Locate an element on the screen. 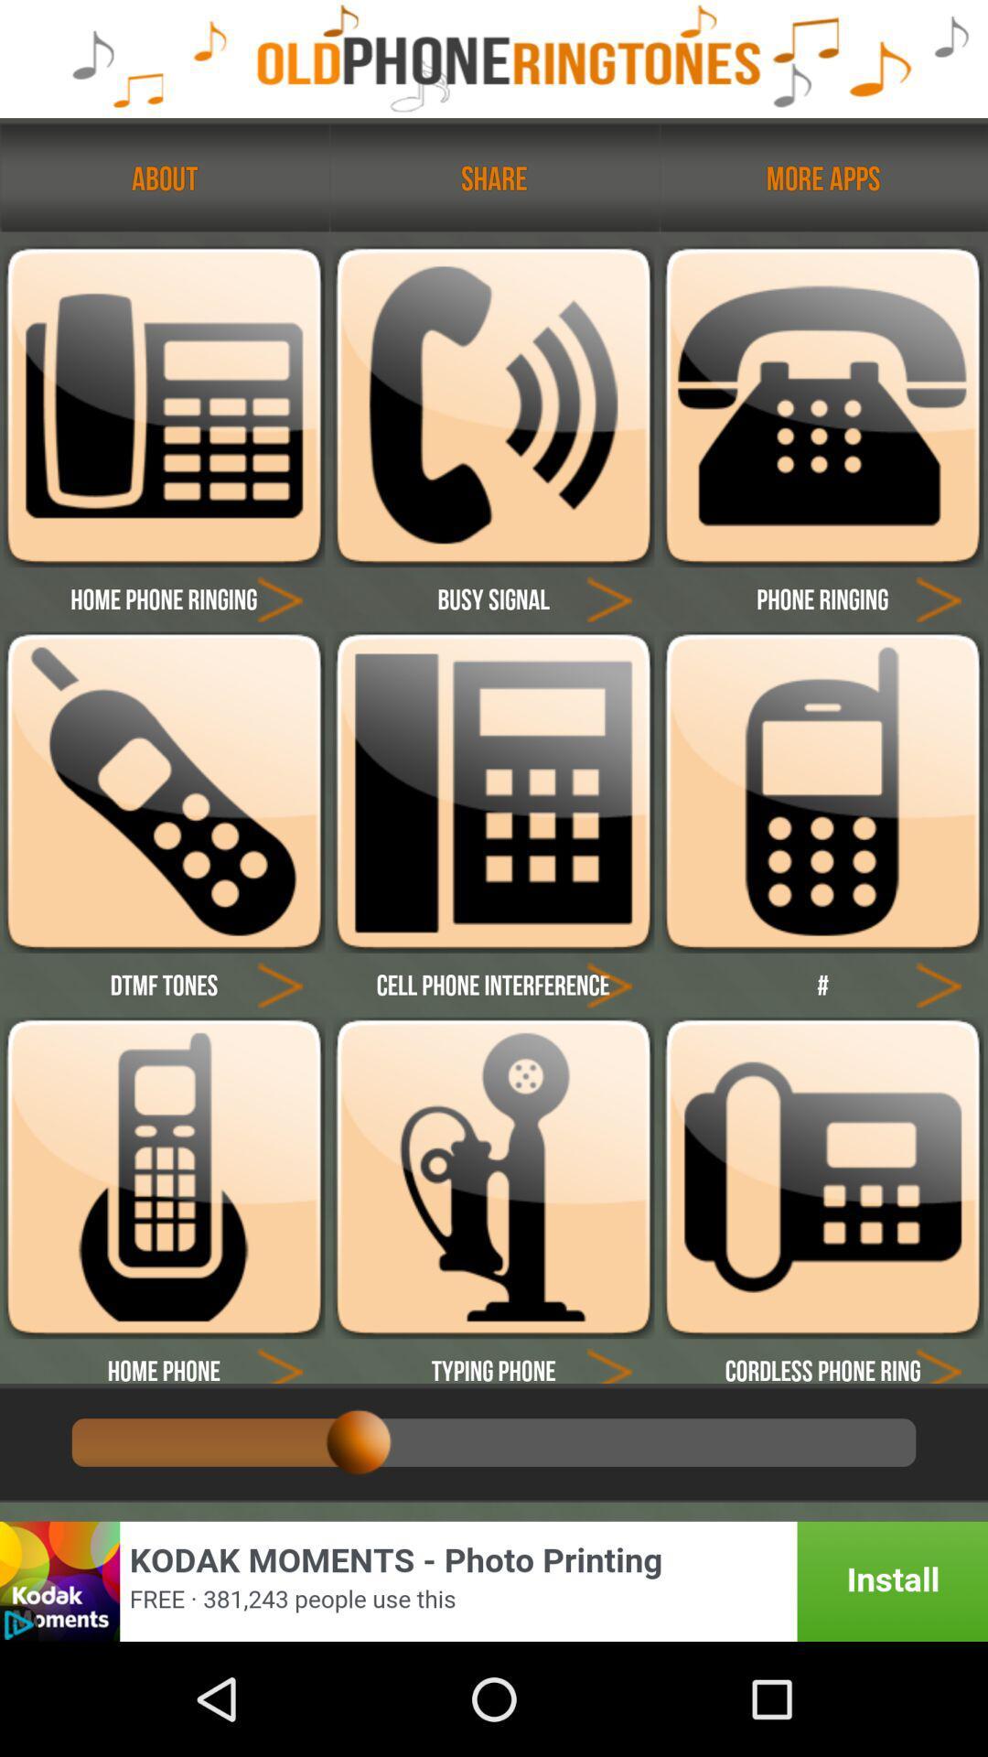  home phone is located at coordinates (163, 1178).